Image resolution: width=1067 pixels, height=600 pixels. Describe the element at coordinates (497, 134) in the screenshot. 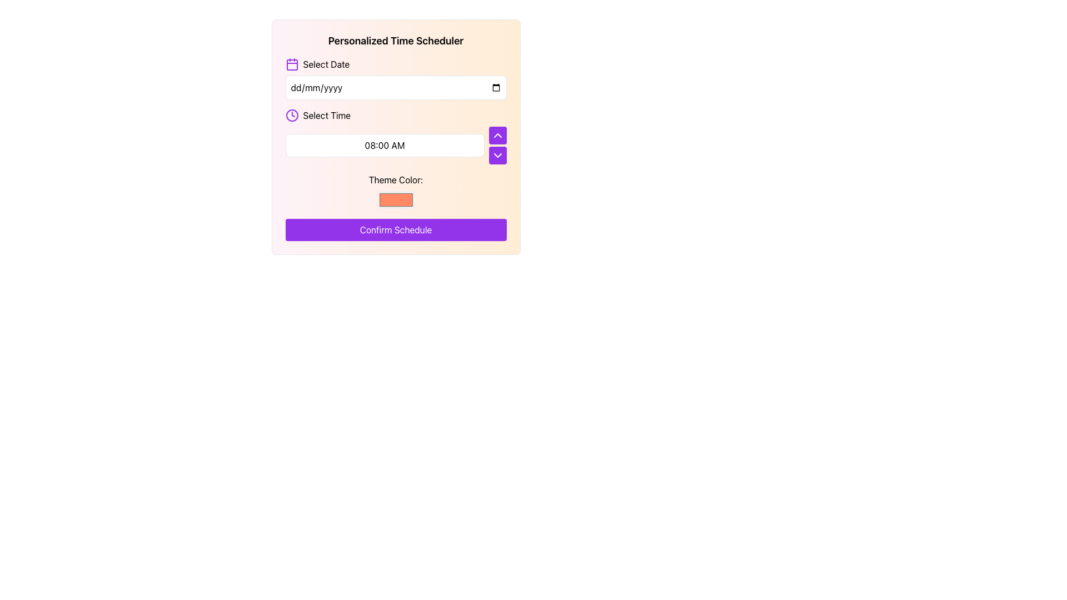

I see `the button with an icon located above the downward-pointing chevron button to adjust the time value upward` at that location.